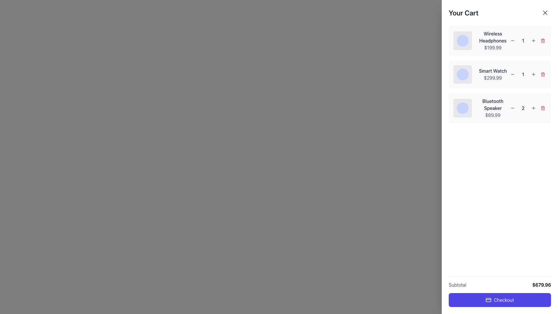 The height and width of the screenshot is (314, 558). I want to click on the increment button for the 'Bluetooth Speaker' item in the shopping cart, so click(534, 108).